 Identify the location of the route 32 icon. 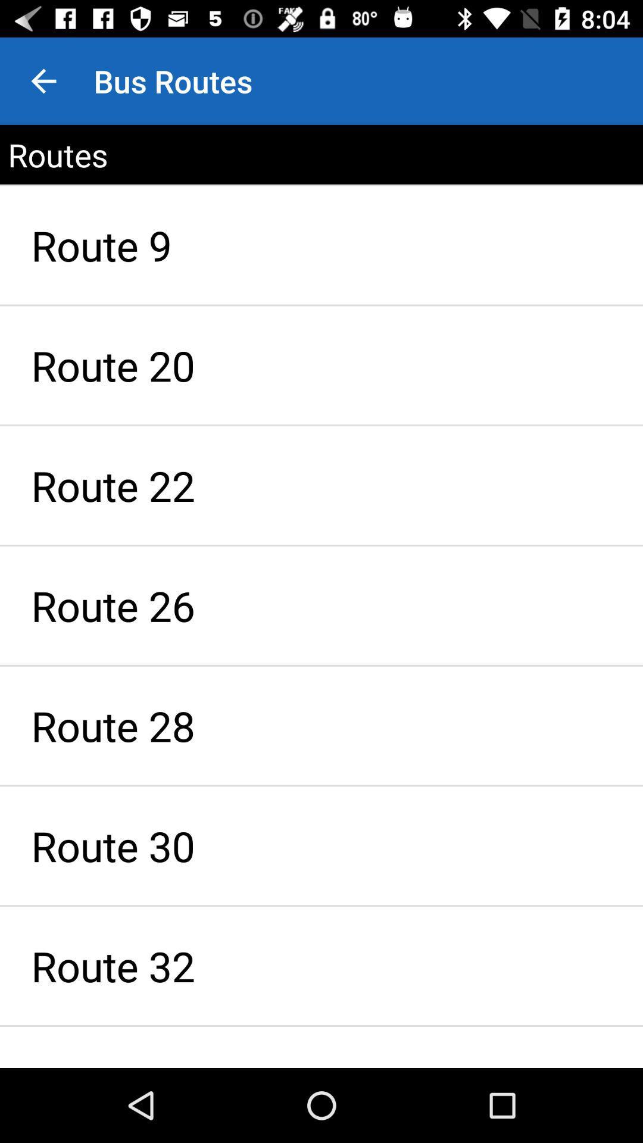
(321, 966).